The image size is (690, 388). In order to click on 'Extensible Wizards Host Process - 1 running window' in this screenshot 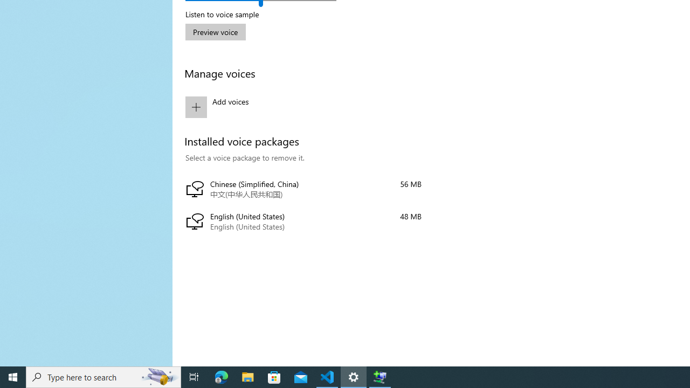, I will do `click(380, 376)`.